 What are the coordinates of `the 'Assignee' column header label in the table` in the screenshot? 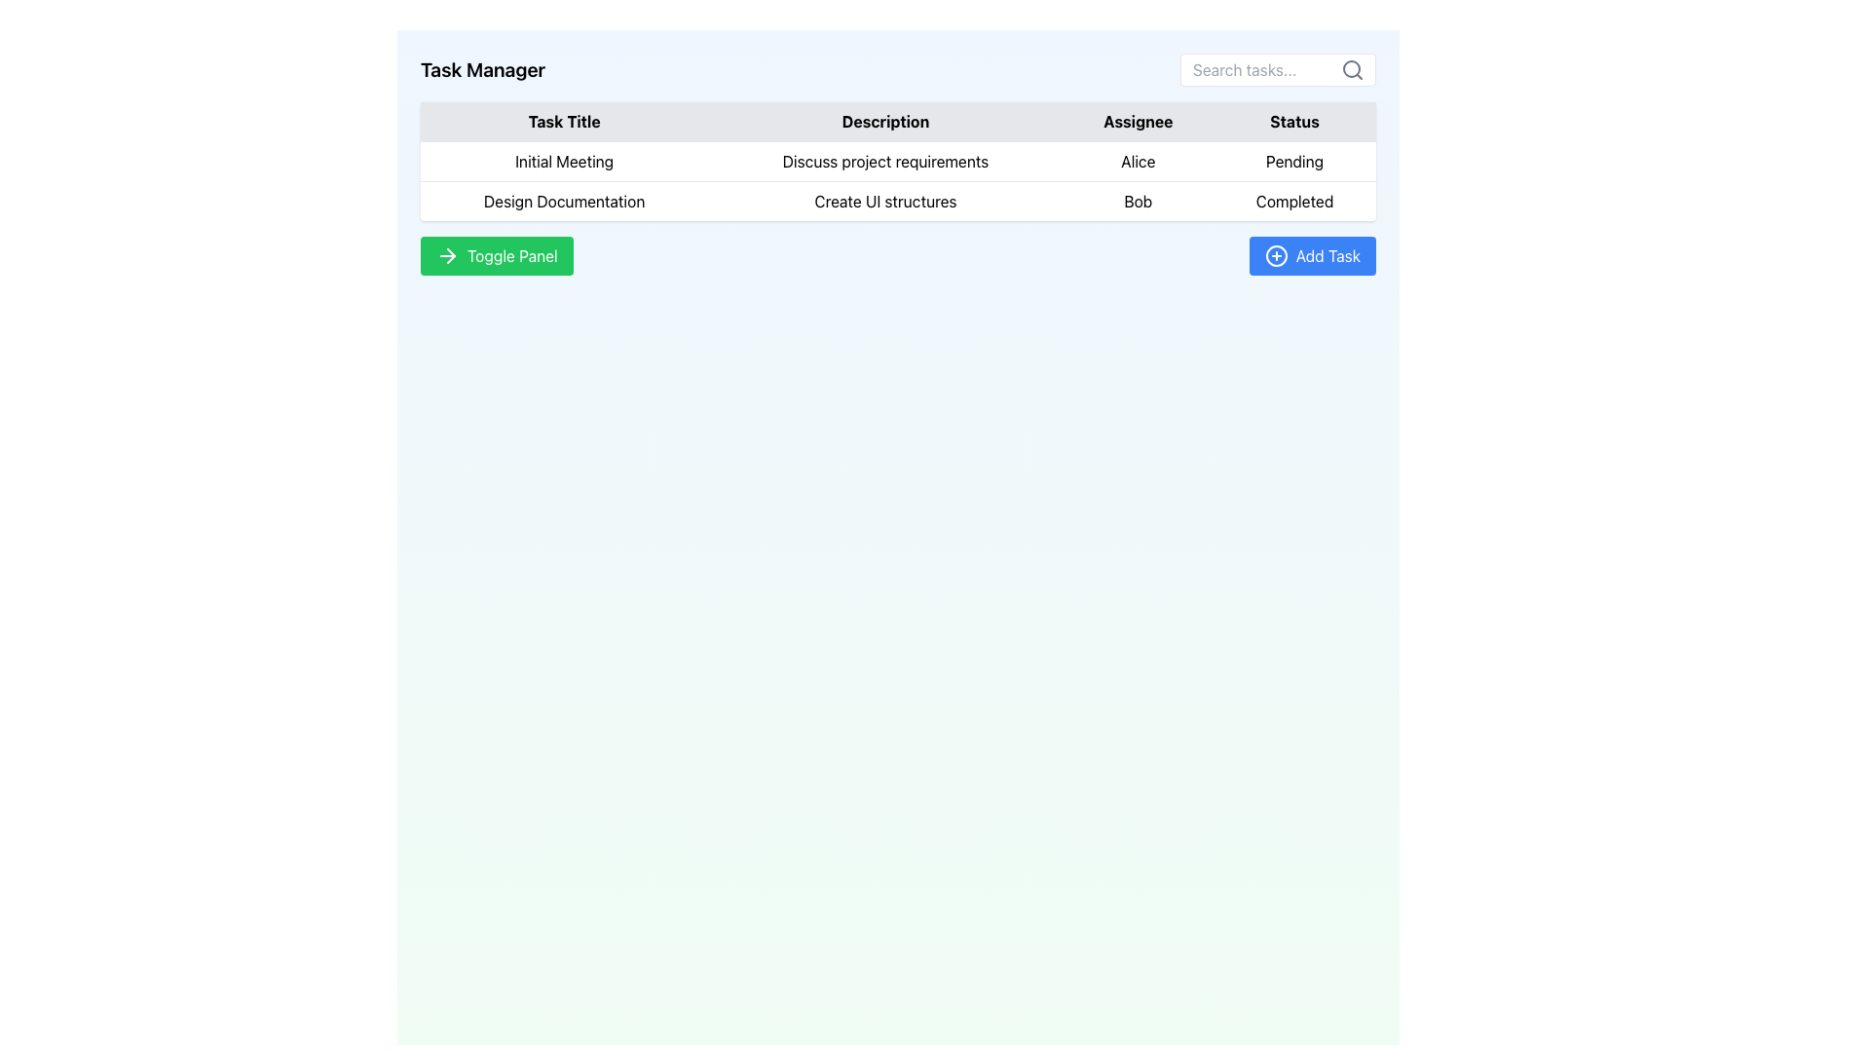 It's located at (1138, 122).